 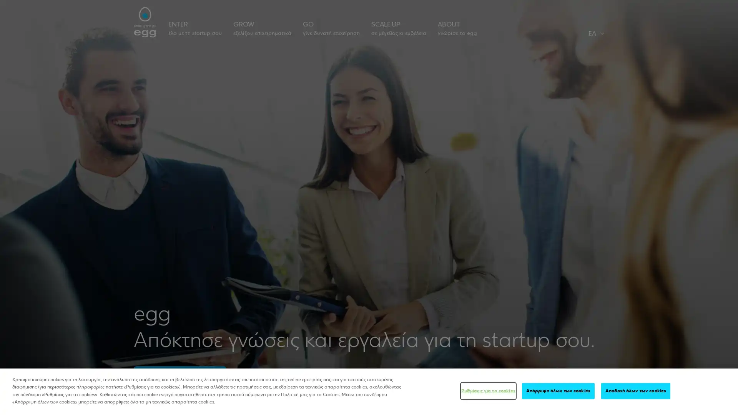 What do you see at coordinates (558, 391) in the screenshot?
I see `cookies` at bounding box center [558, 391].